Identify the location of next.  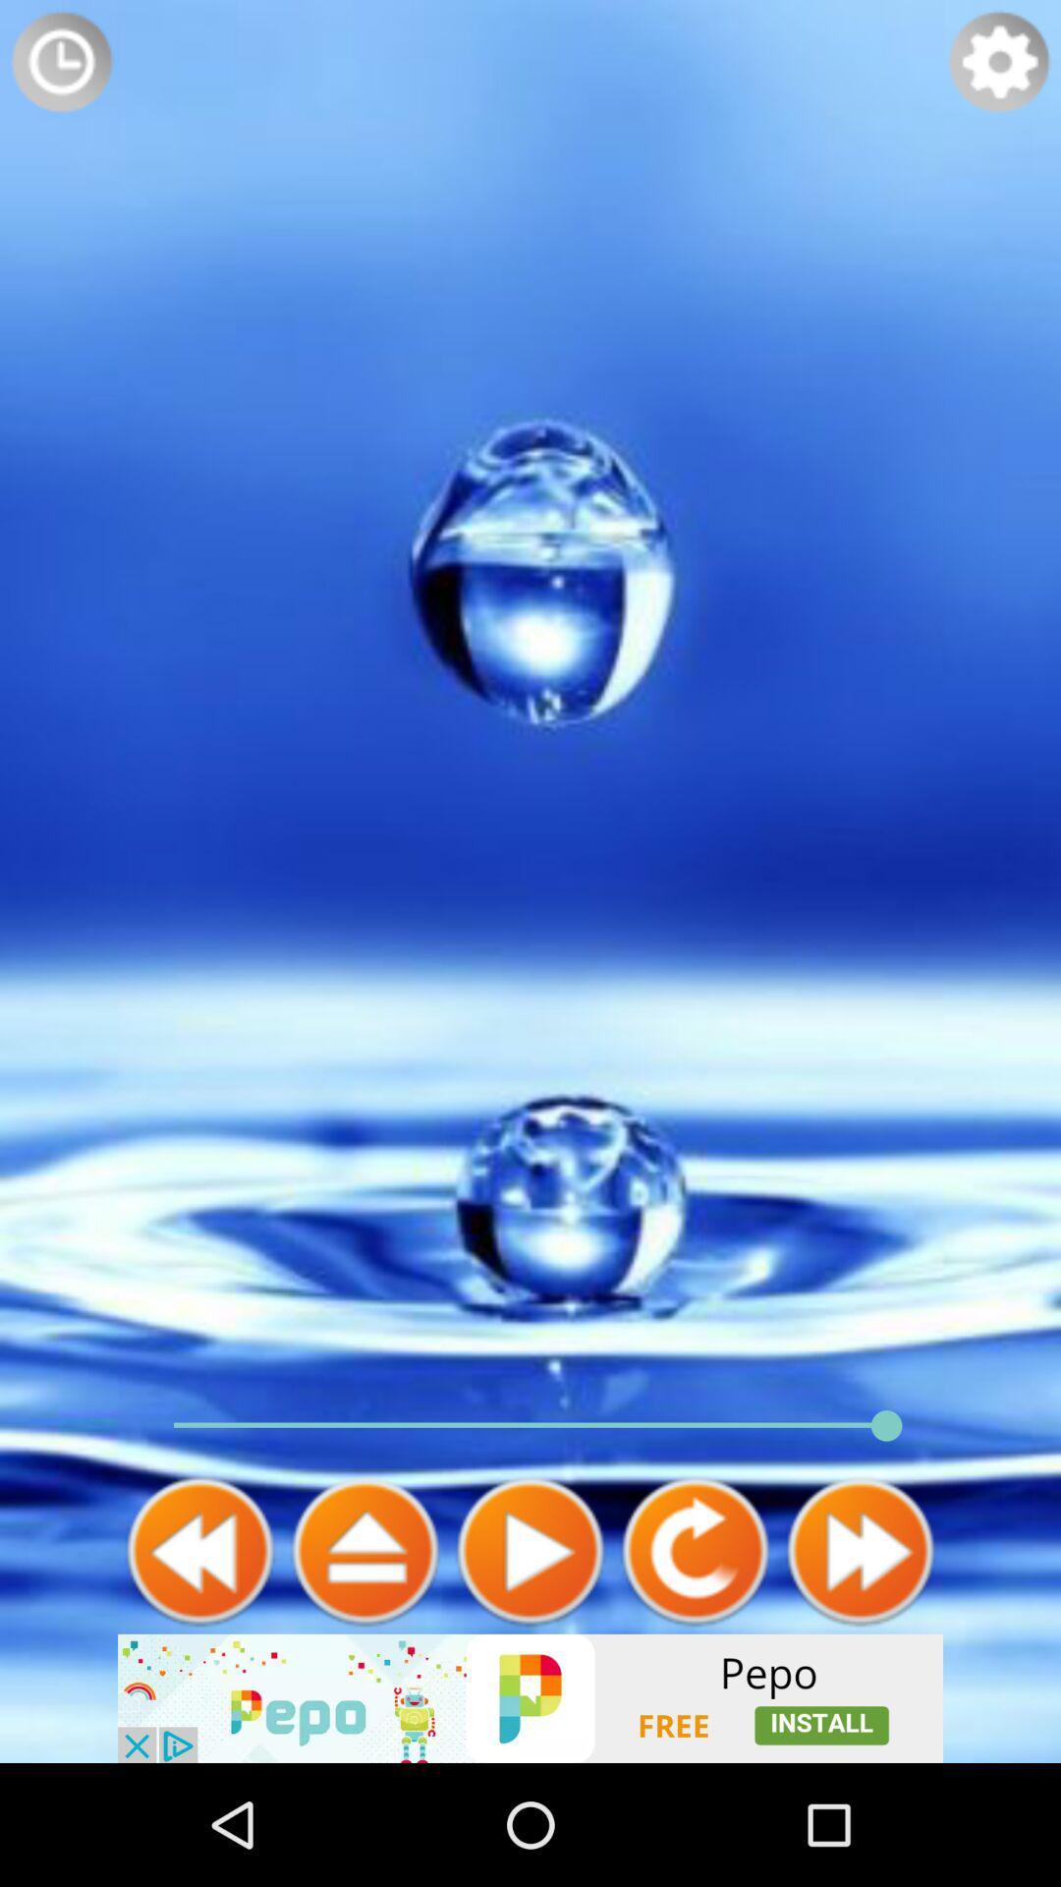
(364, 1550).